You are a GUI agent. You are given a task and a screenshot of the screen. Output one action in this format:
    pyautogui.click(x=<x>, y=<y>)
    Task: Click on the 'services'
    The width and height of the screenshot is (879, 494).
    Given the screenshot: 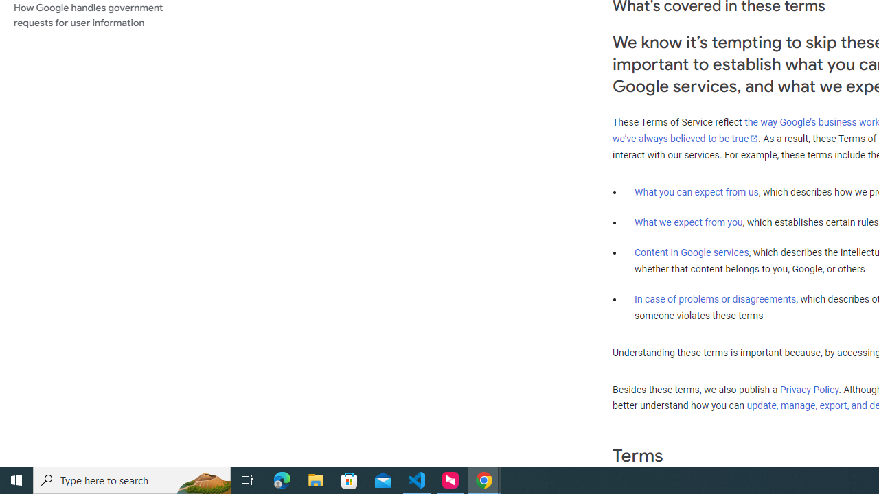 What is the action you would take?
    pyautogui.click(x=705, y=86)
    